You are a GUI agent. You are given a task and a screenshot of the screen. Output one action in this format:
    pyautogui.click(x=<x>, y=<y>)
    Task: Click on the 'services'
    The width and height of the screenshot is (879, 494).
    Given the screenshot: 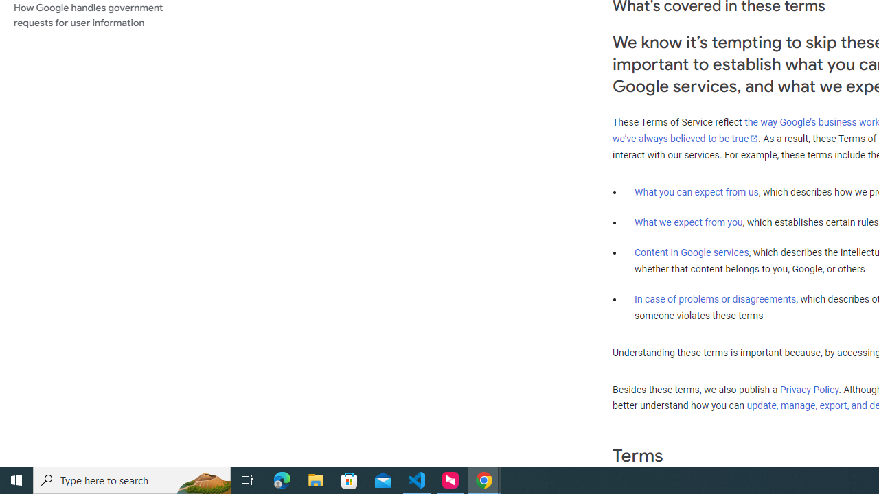 What is the action you would take?
    pyautogui.click(x=705, y=86)
    